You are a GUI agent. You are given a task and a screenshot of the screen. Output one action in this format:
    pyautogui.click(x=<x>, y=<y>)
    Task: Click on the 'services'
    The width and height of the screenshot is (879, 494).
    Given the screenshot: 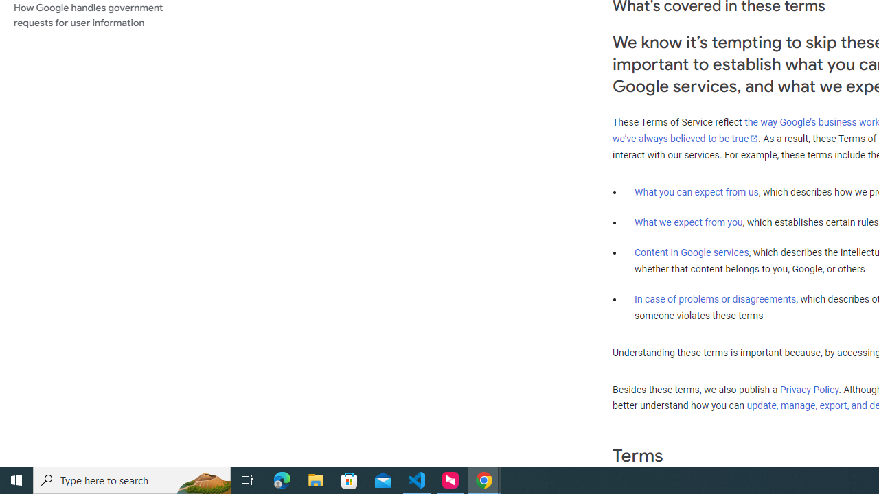 What is the action you would take?
    pyautogui.click(x=705, y=86)
    